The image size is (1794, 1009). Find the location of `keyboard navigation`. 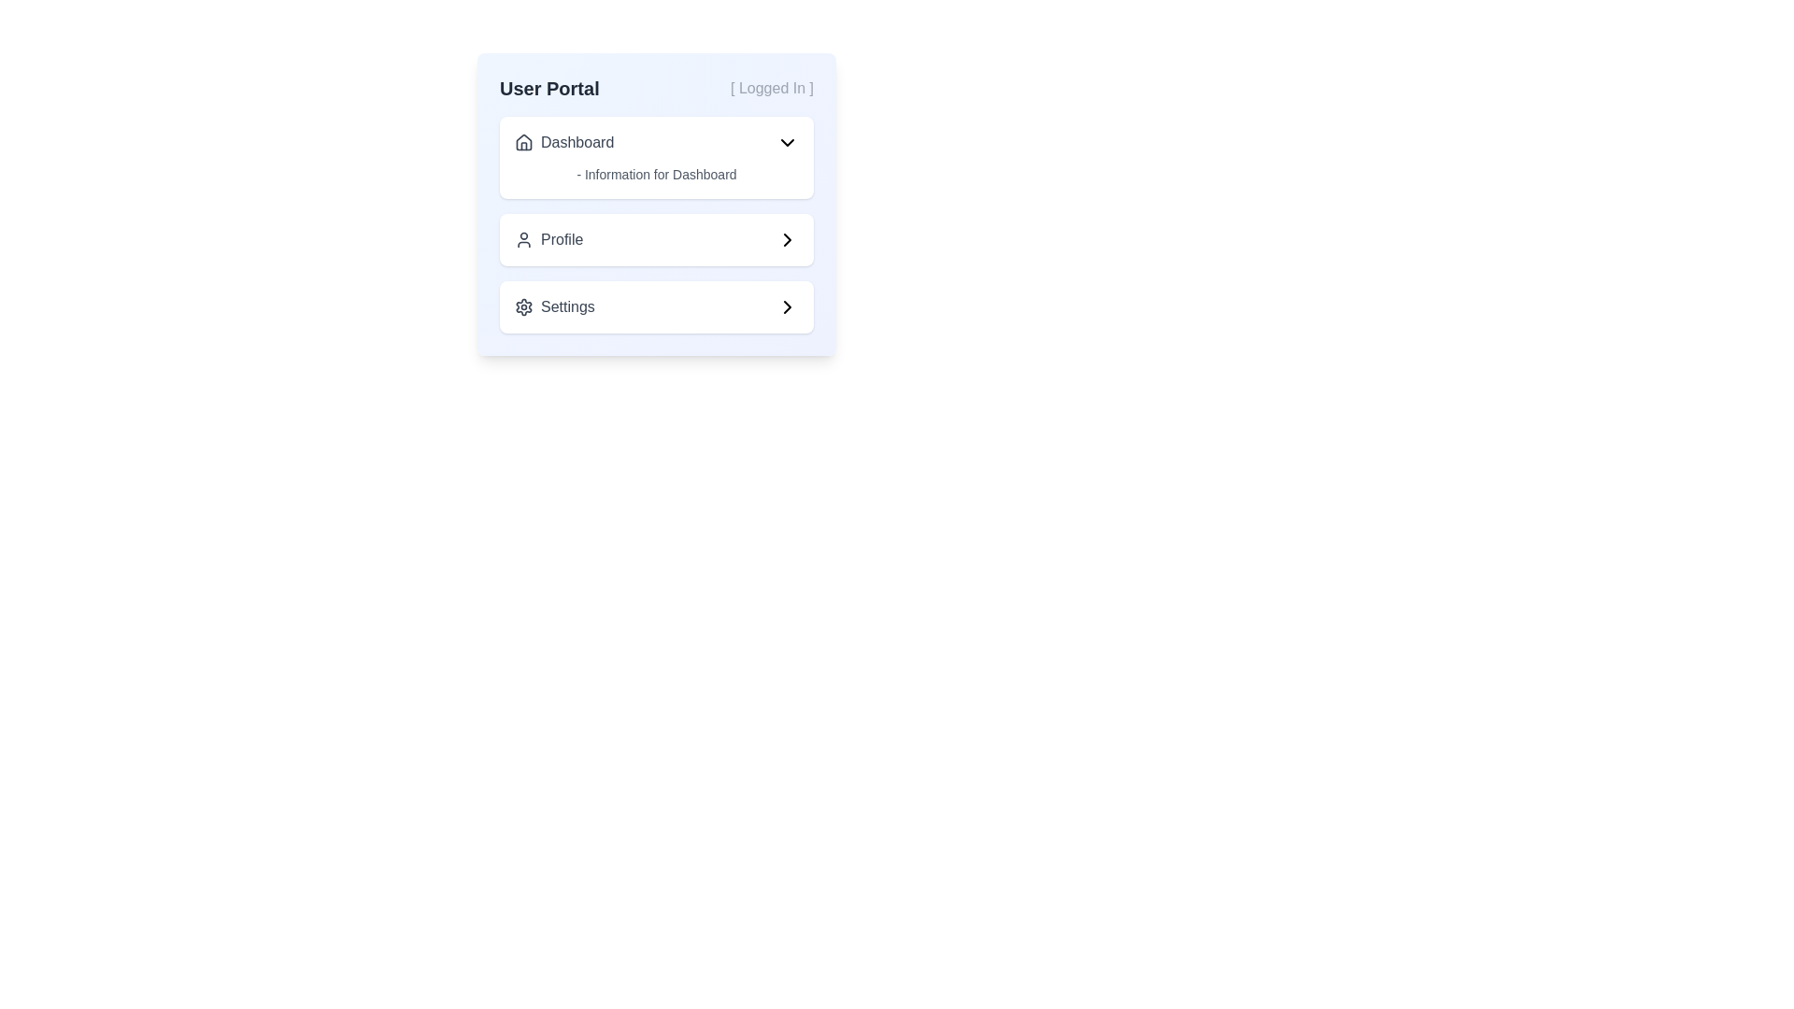

keyboard navigation is located at coordinates (656, 142).